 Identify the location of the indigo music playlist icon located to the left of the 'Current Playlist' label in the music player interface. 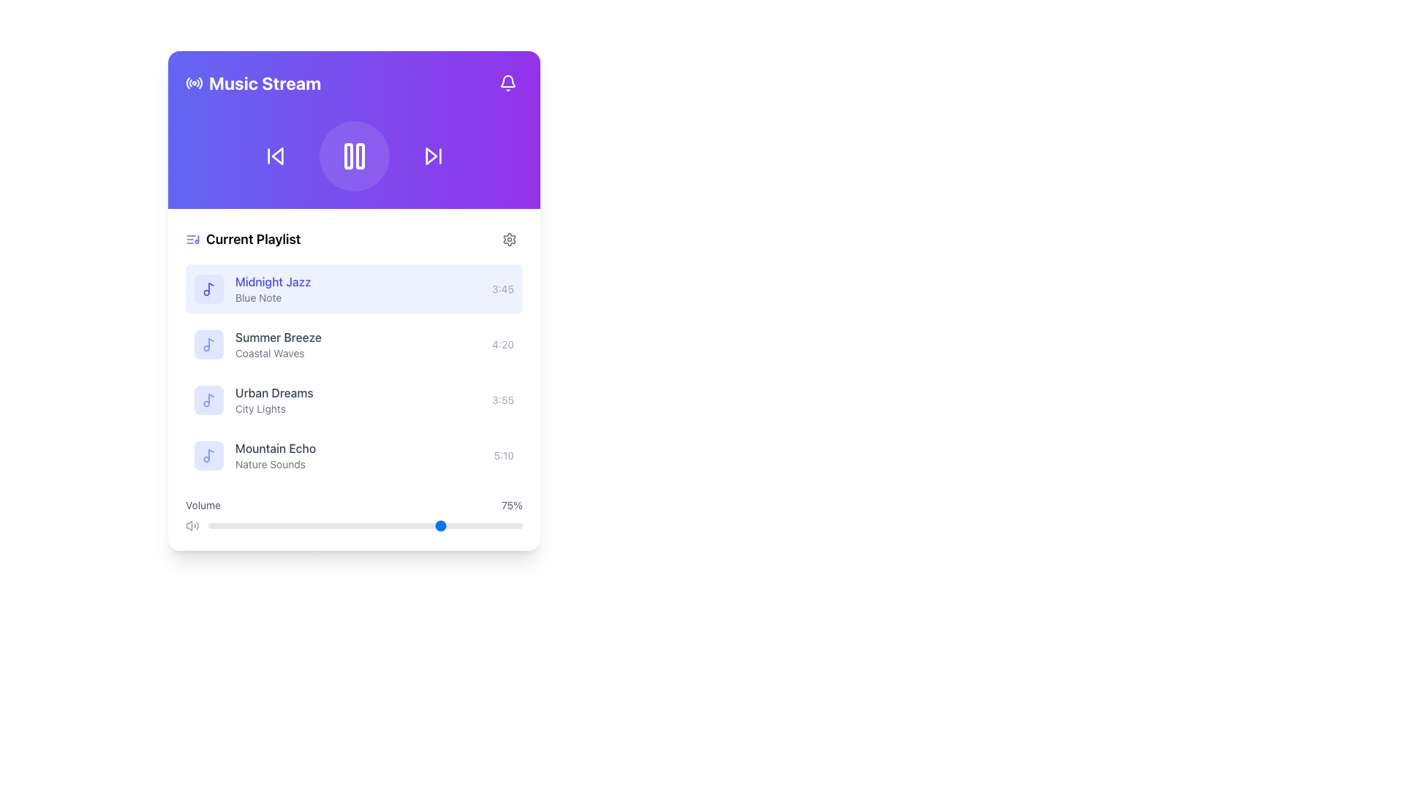
(192, 238).